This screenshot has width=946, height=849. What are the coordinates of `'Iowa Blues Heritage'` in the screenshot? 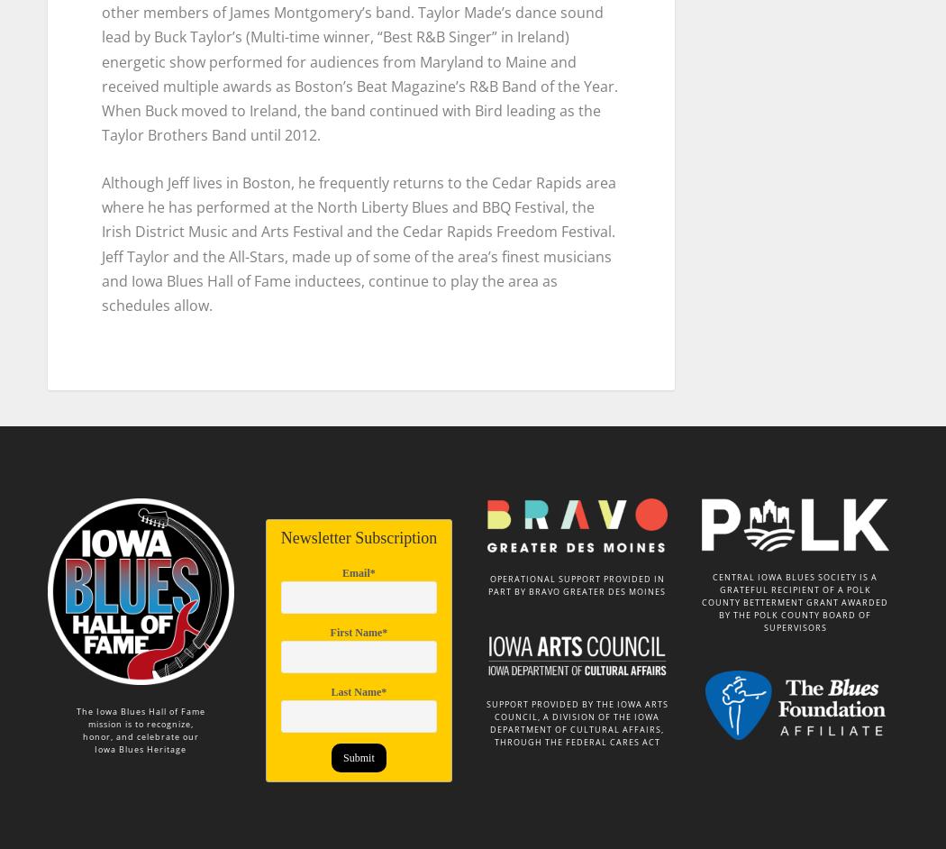 It's located at (95, 739).